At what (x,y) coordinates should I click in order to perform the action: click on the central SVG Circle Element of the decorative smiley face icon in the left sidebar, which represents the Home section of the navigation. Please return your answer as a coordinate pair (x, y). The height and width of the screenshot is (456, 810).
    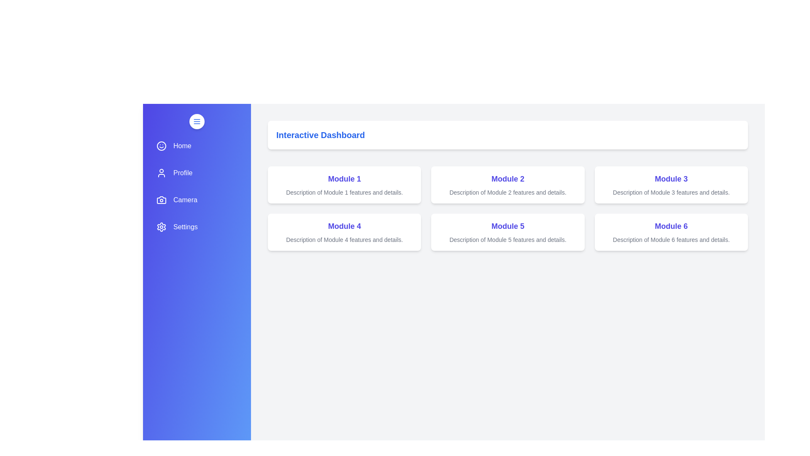
    Looking at the image, I should click on (162, 146).